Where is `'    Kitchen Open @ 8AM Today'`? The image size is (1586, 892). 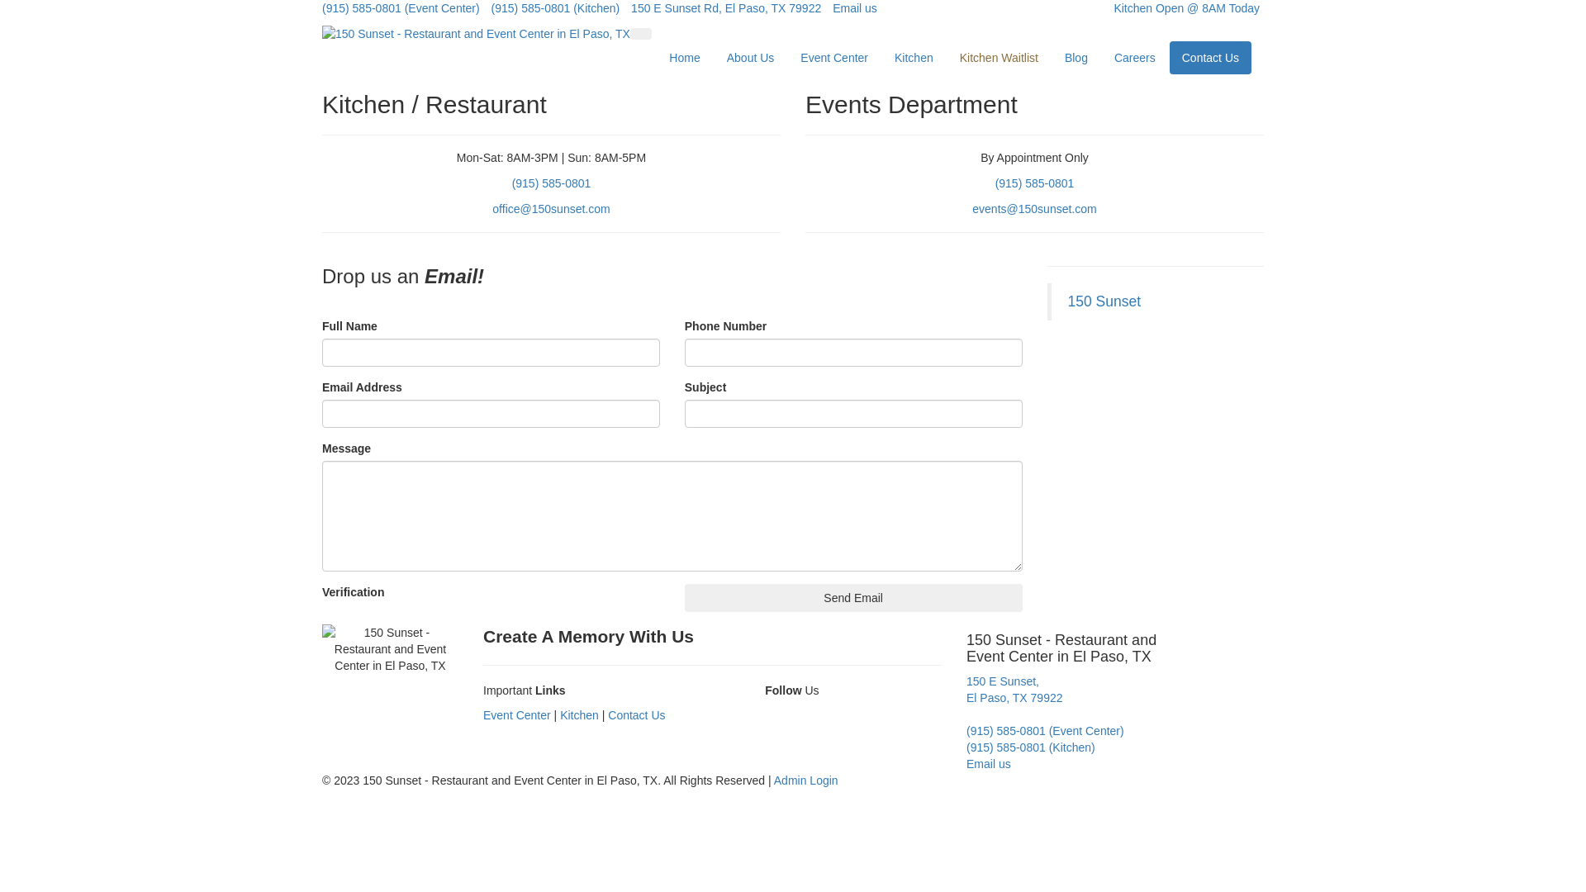 '    Kitchen Open @ 8AM Today' is located at coordinates (1180, 8).